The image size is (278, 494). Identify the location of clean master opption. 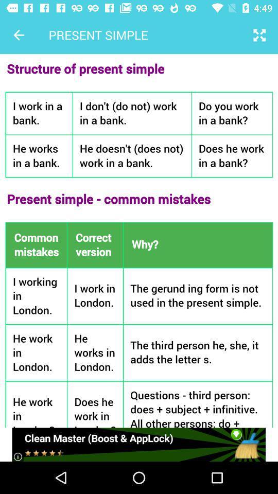
(138, 444).